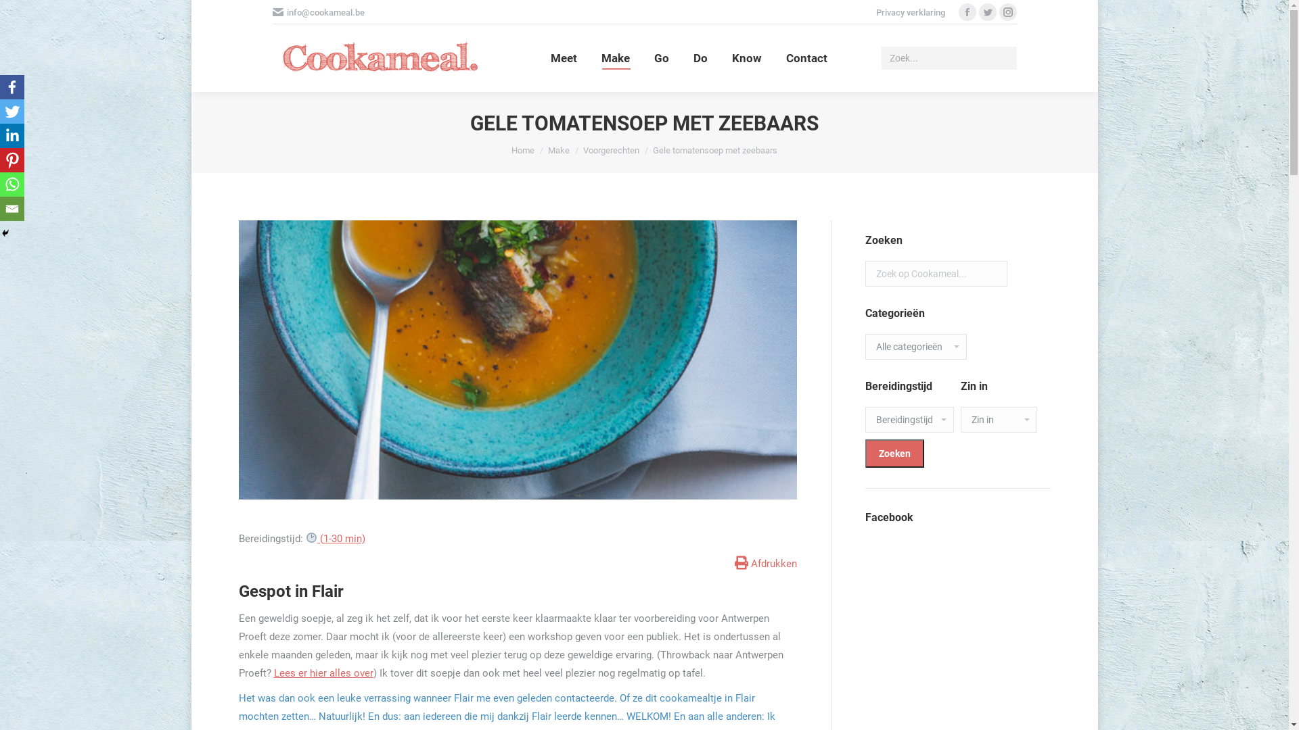  Describe the element at coordinates (662, 57) in the screenshot. I see `'Go'` at that location.